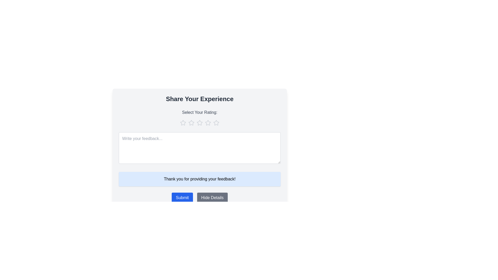 This screenshot has width=498, height=280. What do you see at coordinates (183, 123) in the screenshot?
I see `the first star icon in the rating bar` at bounding box center [183, 123].